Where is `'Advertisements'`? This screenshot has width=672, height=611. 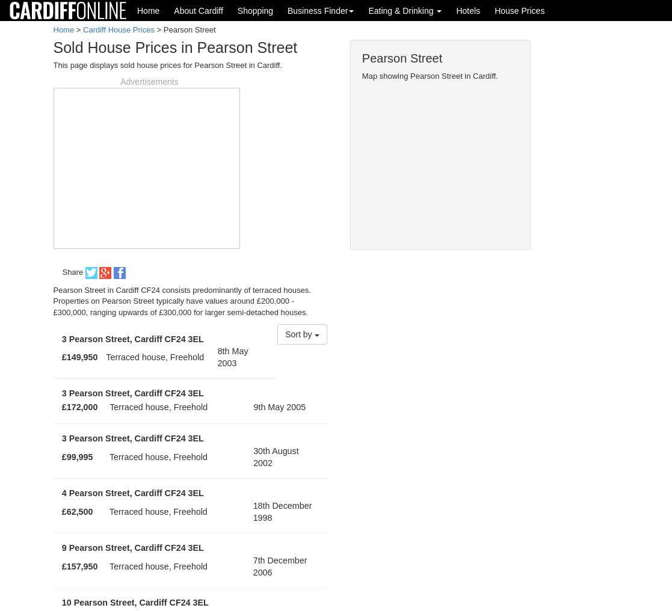 'Advertisements' is located at coordinates (120, 81).